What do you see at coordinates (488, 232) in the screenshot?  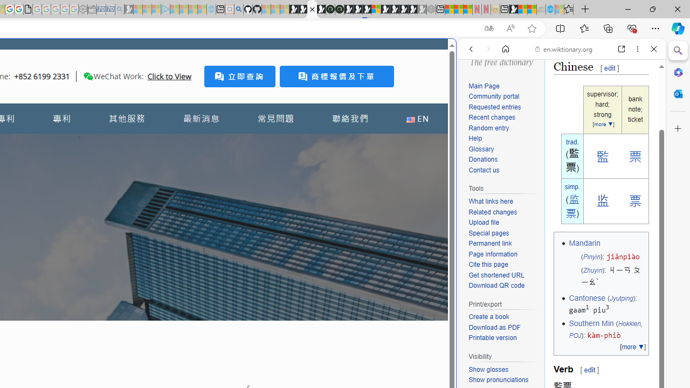 I see `'Special pages'` at bounding box center [488, 232].